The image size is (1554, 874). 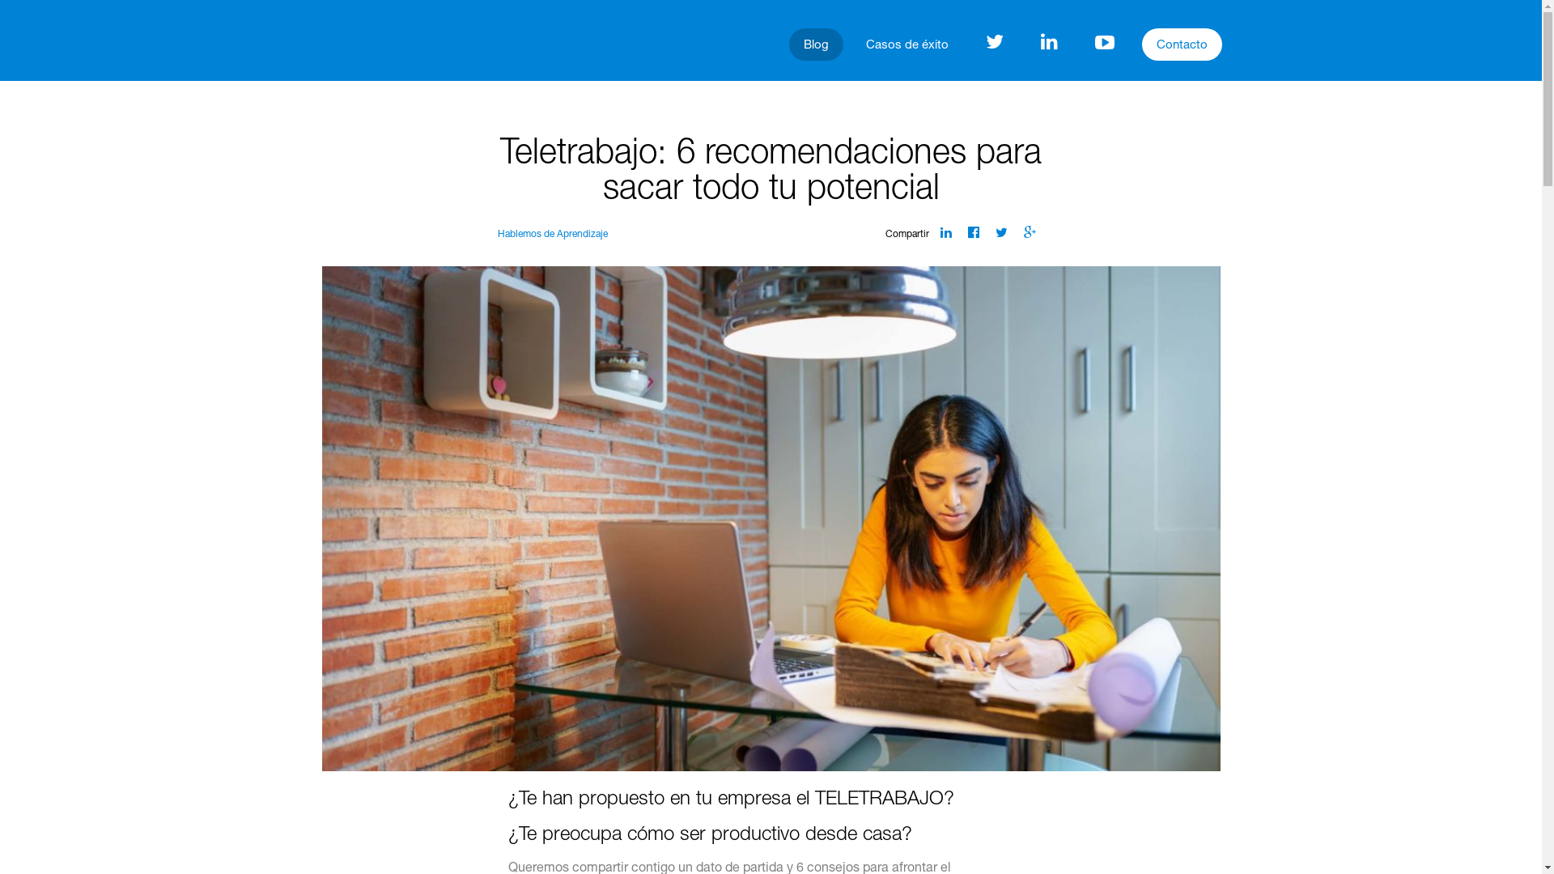 What do you see at coordinates (816, 43) in the screenshot?
I see `'Blog'` at bounding box center [816, 43].